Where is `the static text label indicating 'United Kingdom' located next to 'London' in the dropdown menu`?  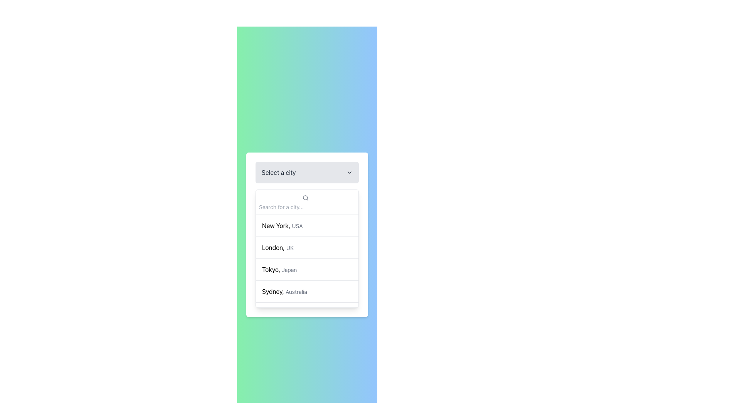 the static text label indicating 'United Kingdom' located next to 'London' in the dropdown menu is located at coordinates (289, 248).